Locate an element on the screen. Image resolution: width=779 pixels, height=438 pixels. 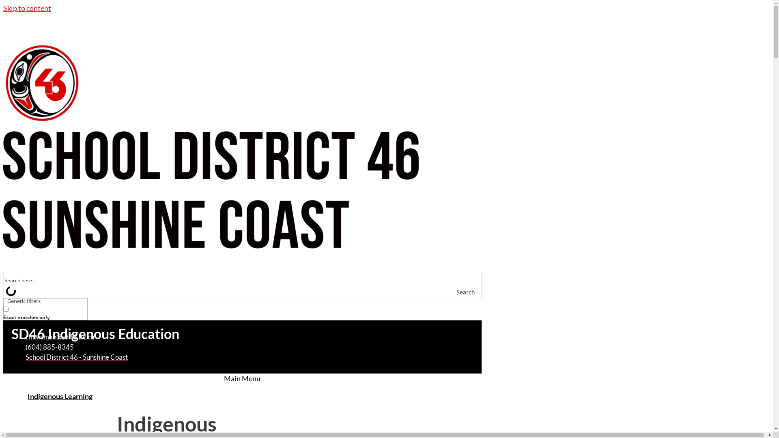
'cmahlman@sd46.bc.ca' is located at coordinates (60, 337).